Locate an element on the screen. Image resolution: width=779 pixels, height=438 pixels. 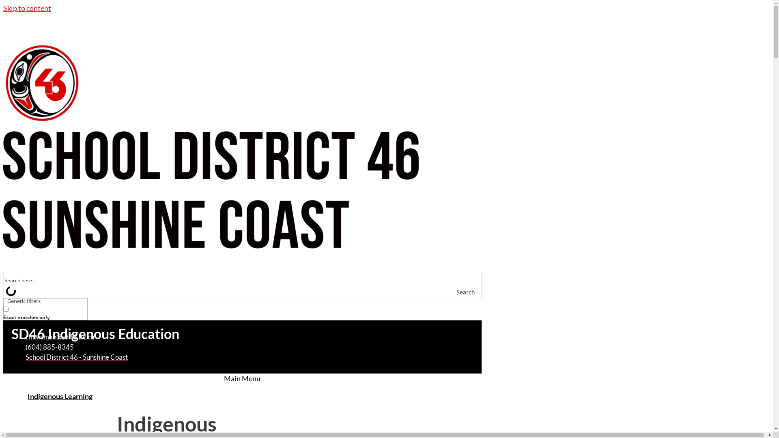
'cmahlman@sd46.bc.ca' is located at coordinates (60, 337).